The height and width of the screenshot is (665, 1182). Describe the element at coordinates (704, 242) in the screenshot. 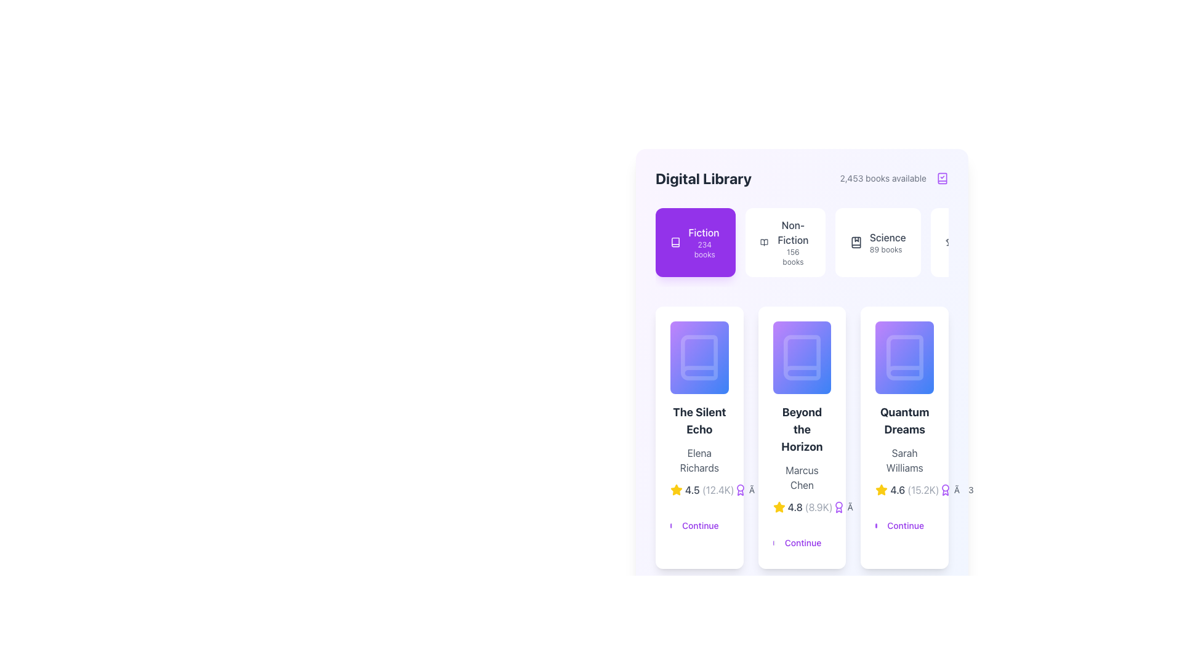

I see `the 'Fiction' category display, which indicates the availability of 234 books in the Fiction section` at that location.